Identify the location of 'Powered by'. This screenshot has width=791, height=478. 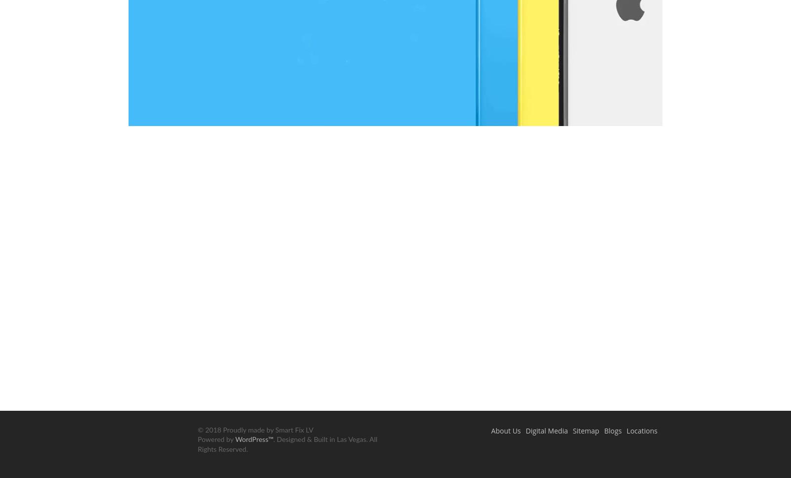
(216, 439).